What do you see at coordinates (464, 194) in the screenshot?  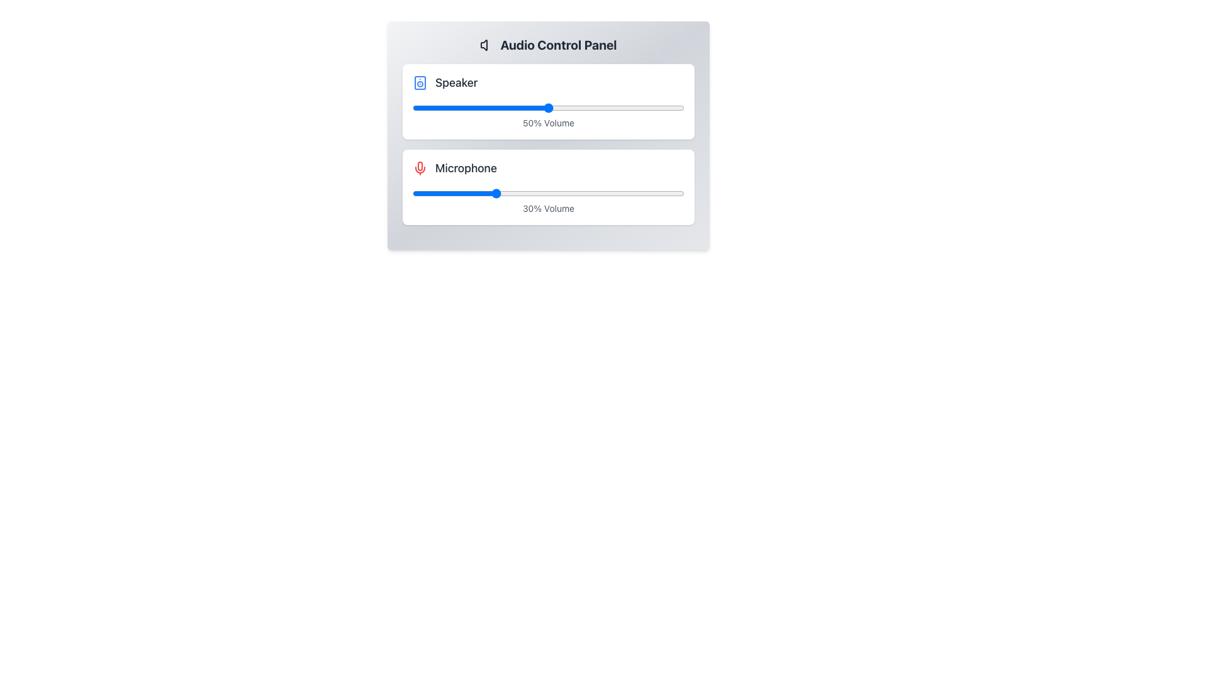 I see `the microphone volume` at bounding box center [464, 194].